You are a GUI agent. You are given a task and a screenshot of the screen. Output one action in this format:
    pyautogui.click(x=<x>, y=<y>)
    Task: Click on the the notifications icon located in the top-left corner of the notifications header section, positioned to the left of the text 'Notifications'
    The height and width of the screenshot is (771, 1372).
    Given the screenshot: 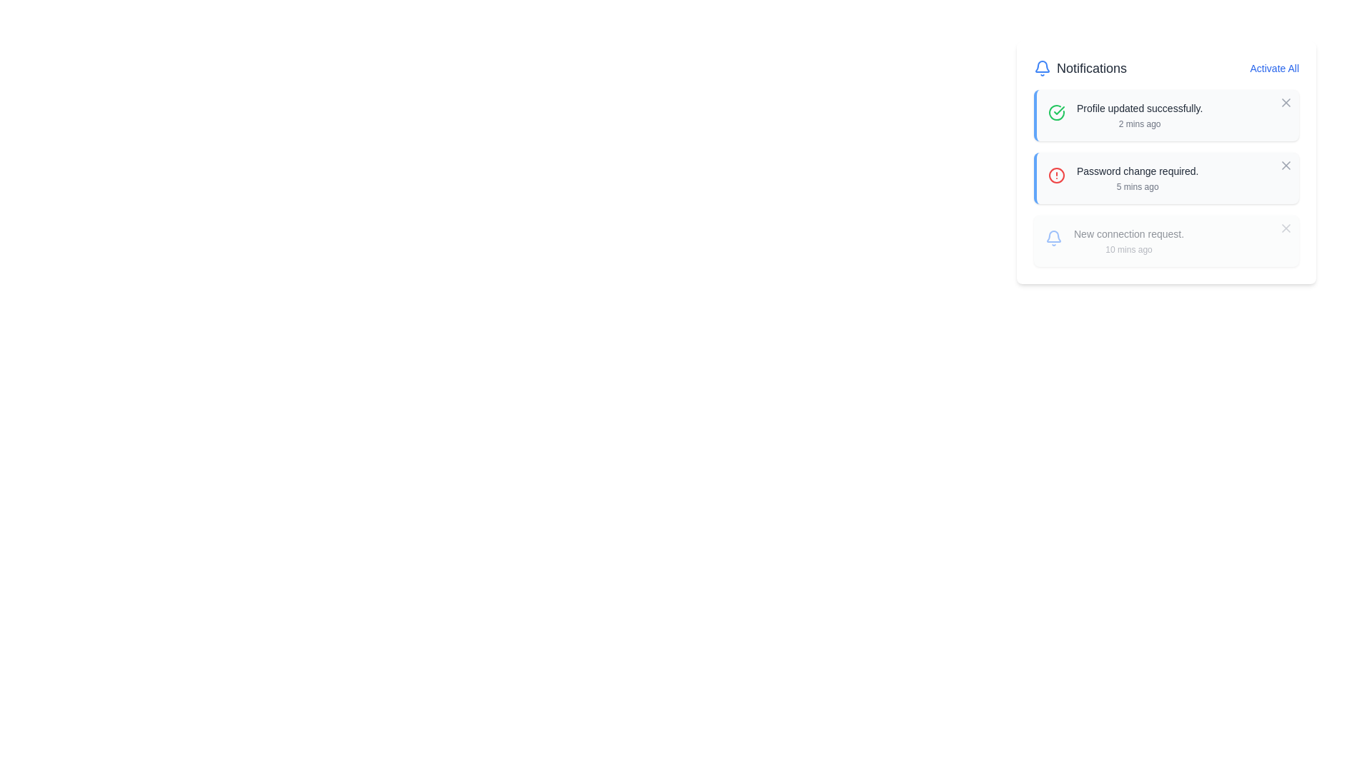 What is the action you would take?
    pyautogui.click(x=1043, y=69)
    